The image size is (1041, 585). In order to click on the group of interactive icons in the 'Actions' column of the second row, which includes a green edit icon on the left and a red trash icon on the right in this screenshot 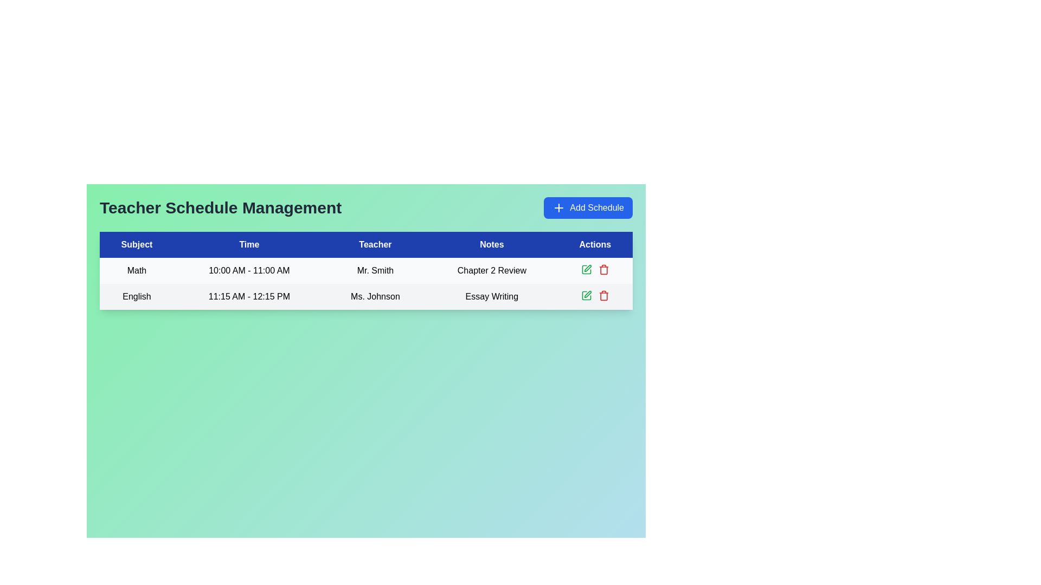, I will do `click(594, 296)`.